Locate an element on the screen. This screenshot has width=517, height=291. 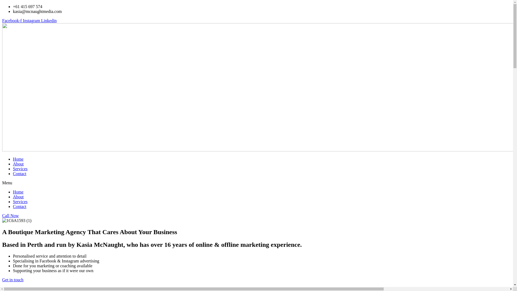
'Home' is located at coordinates (18, 159).